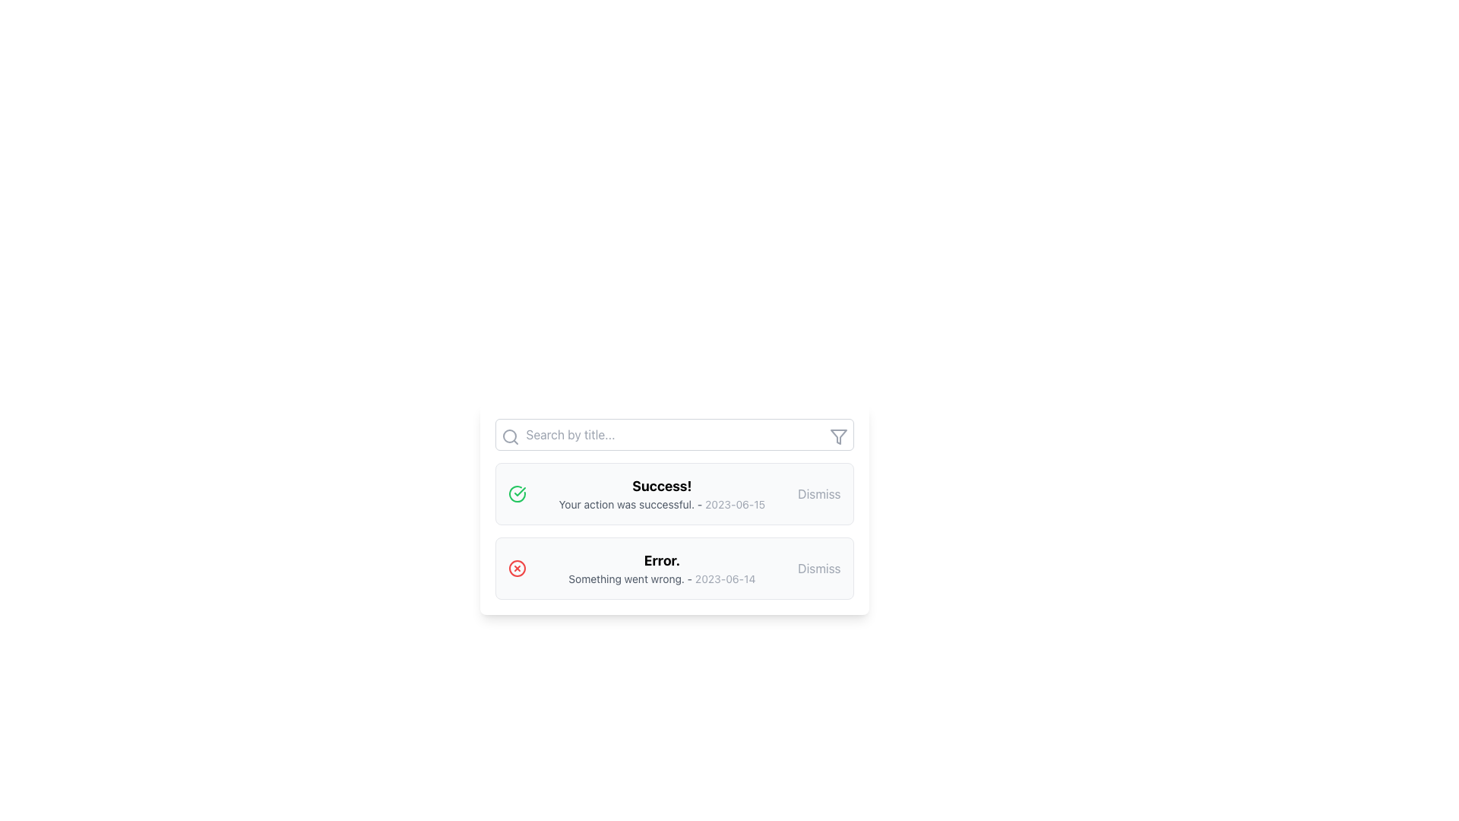 This screenshot has height=821, width=1459. I want to click on the 'Dismiss' button, which is styled with gray color and changes to red on hover, so click(818, 569).